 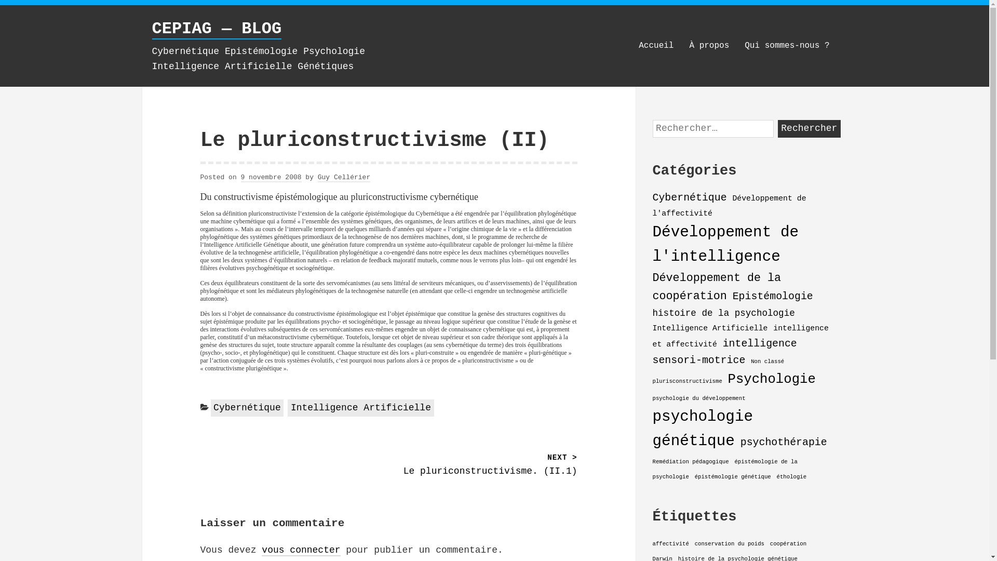 What do you see at coordinates (727, 379) in the screenshot?
I see `'Psychologie'` at bounding box center [727, 379].